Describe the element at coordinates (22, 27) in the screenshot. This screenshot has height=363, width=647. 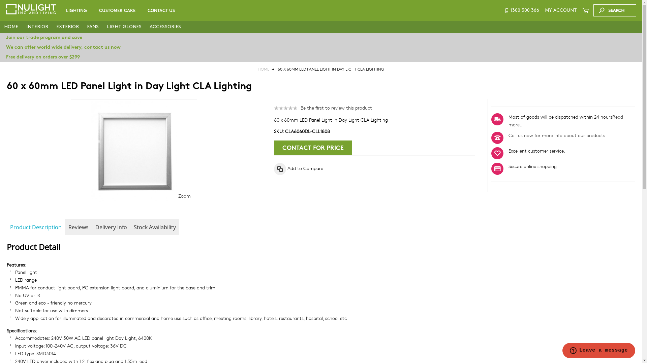
I see `'INTERIOR'` at that location.